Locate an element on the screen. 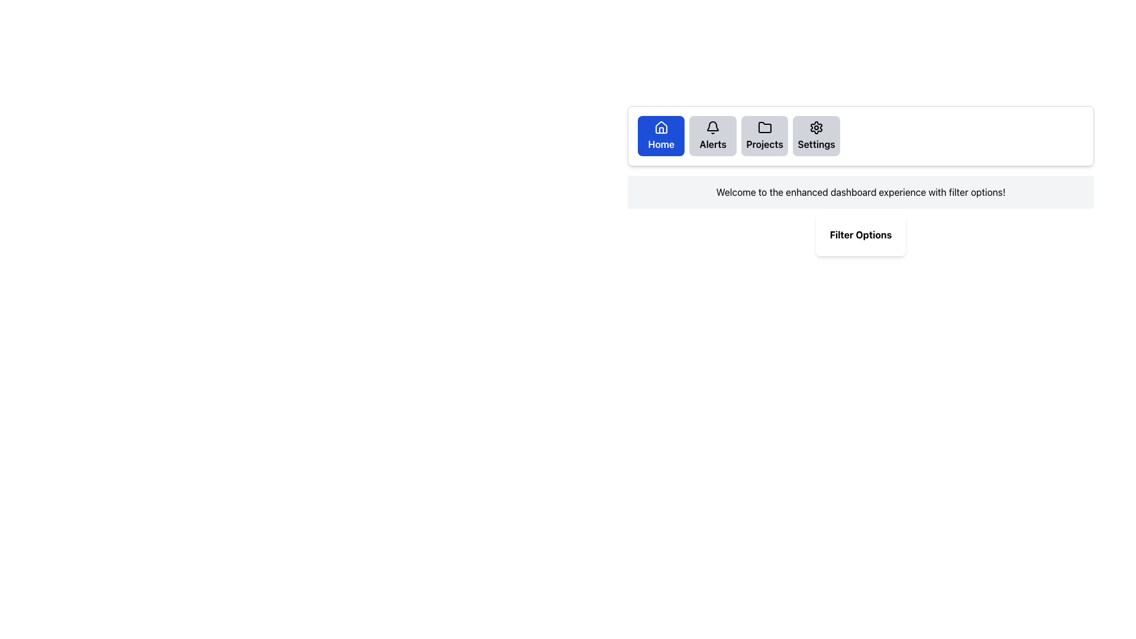 This screenshot has height=639, width=1136. the Home icon located in the top-left corner of the navigation menu is located at coordinates (660, 128).